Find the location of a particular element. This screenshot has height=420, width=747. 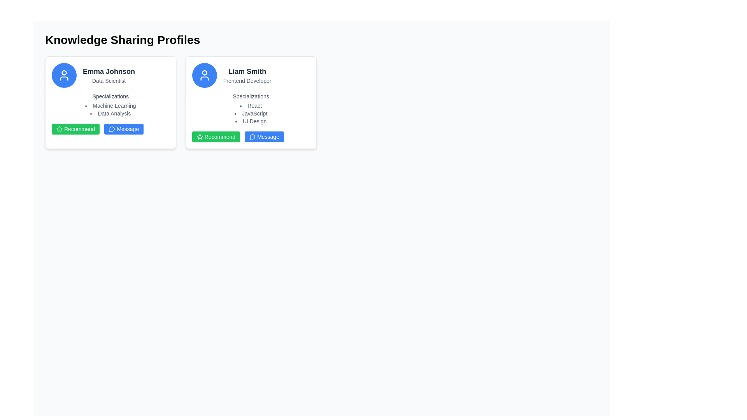

the profile icon represented by the uppermost Circle component of the user account SVG for Emma Johnson is located at coordinates (64, 72).